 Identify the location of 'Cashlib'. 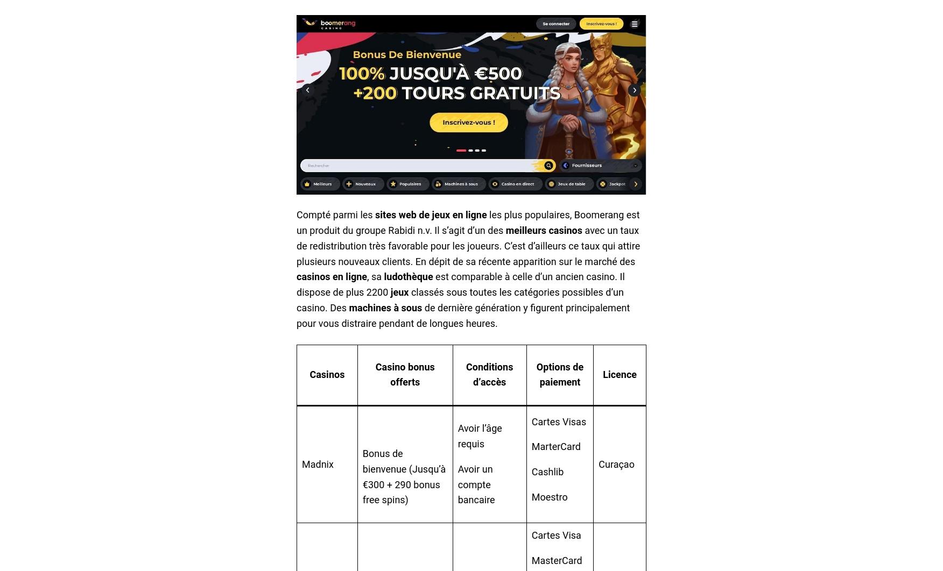
(531, 471).